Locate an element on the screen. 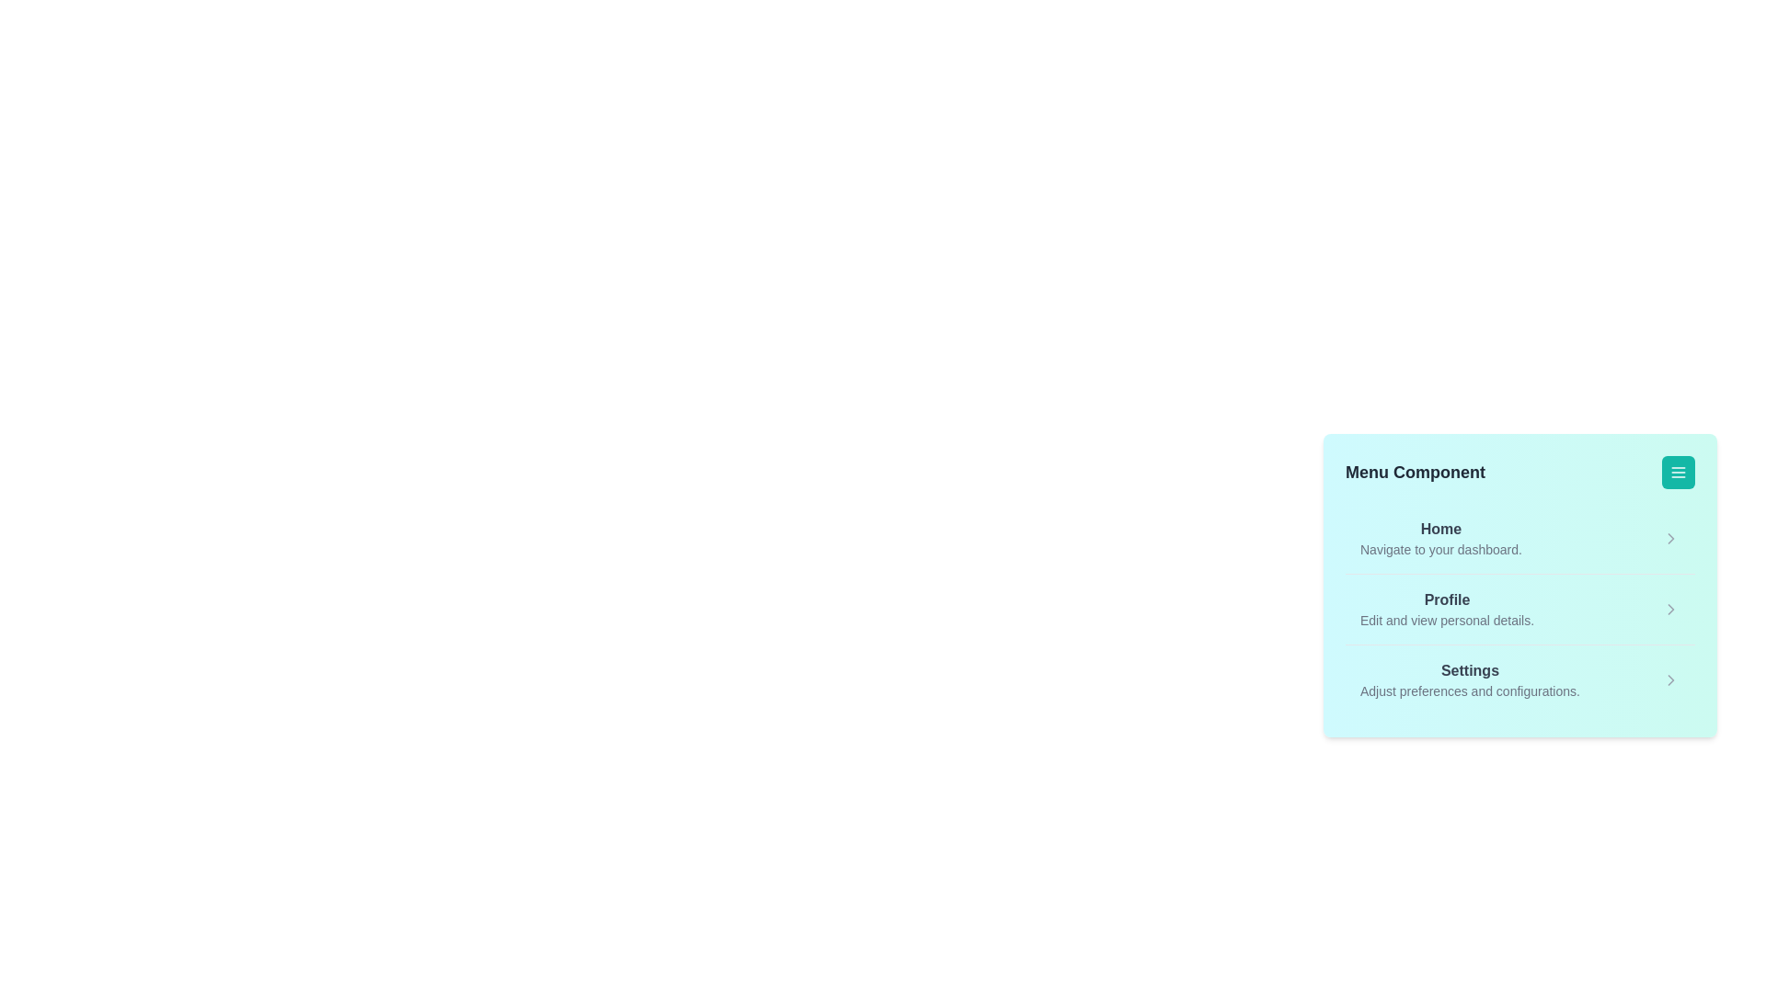 Image resolution: width=1766 pixels, height=993 pixels. the menu item Profile to highlight it is located at coordinates (1446, 610).